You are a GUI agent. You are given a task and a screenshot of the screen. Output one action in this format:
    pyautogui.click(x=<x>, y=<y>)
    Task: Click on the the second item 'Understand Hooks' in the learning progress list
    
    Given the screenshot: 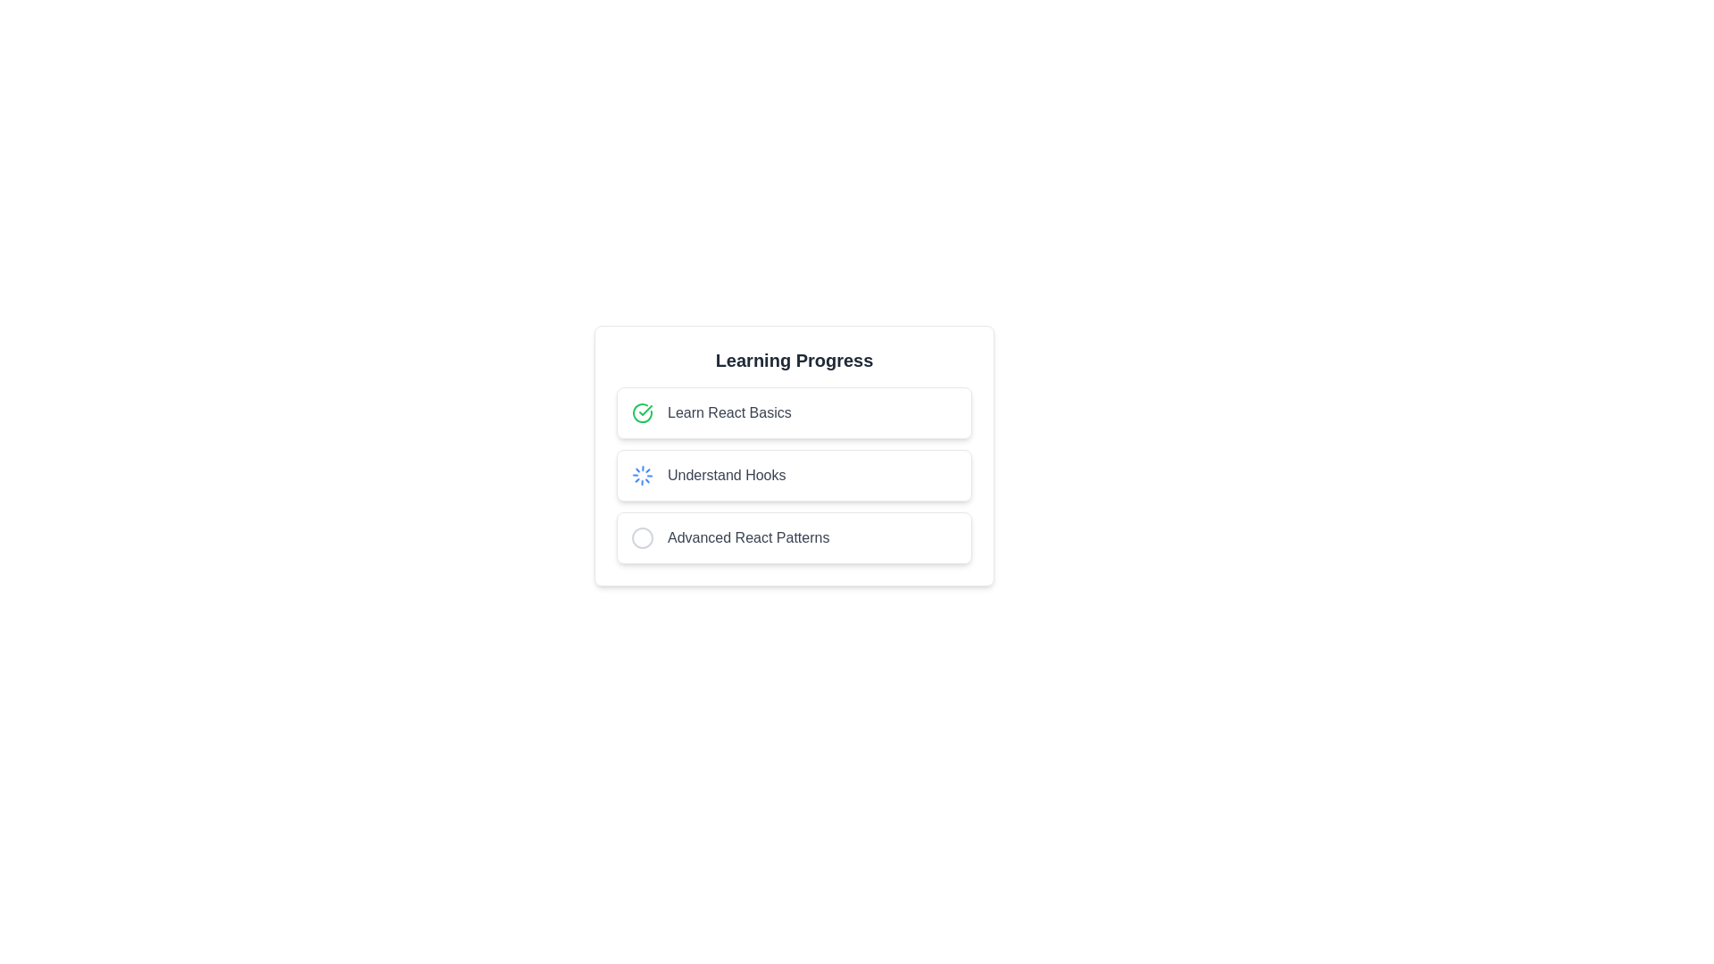 What is the action you would take?
    pyautogui.click(x=793, y=474)
    